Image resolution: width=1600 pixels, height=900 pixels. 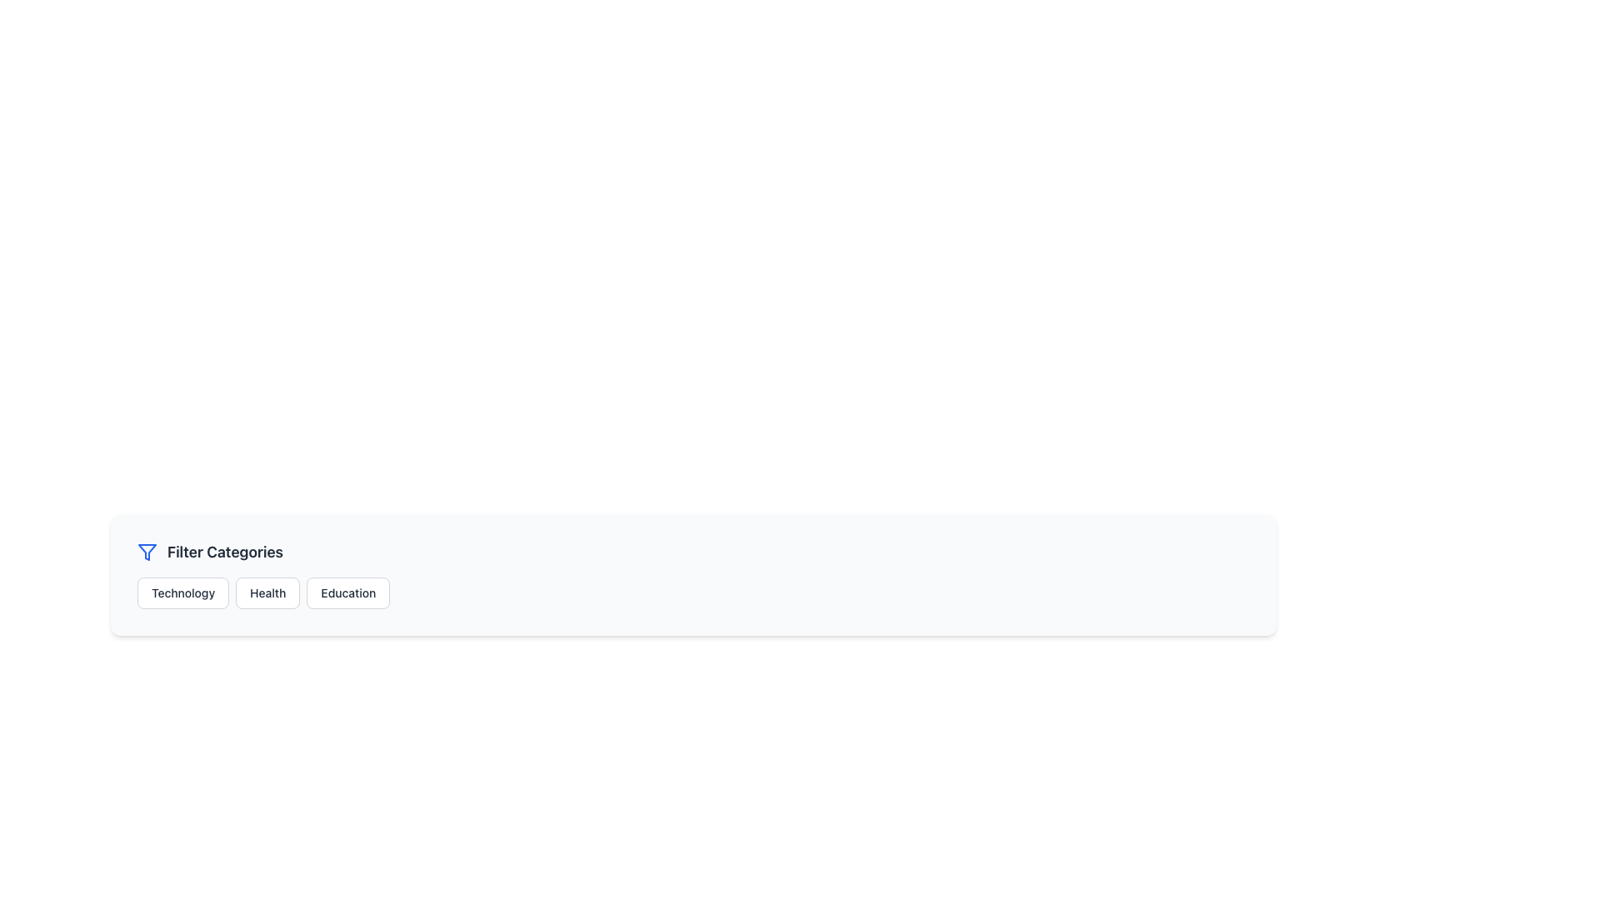 I want to click on the 'Health' button, which is a rectangular button with rounded corners, a white background, and a thin gray border, located near the bottom-left area of the interface, so click(x=267, y=592).